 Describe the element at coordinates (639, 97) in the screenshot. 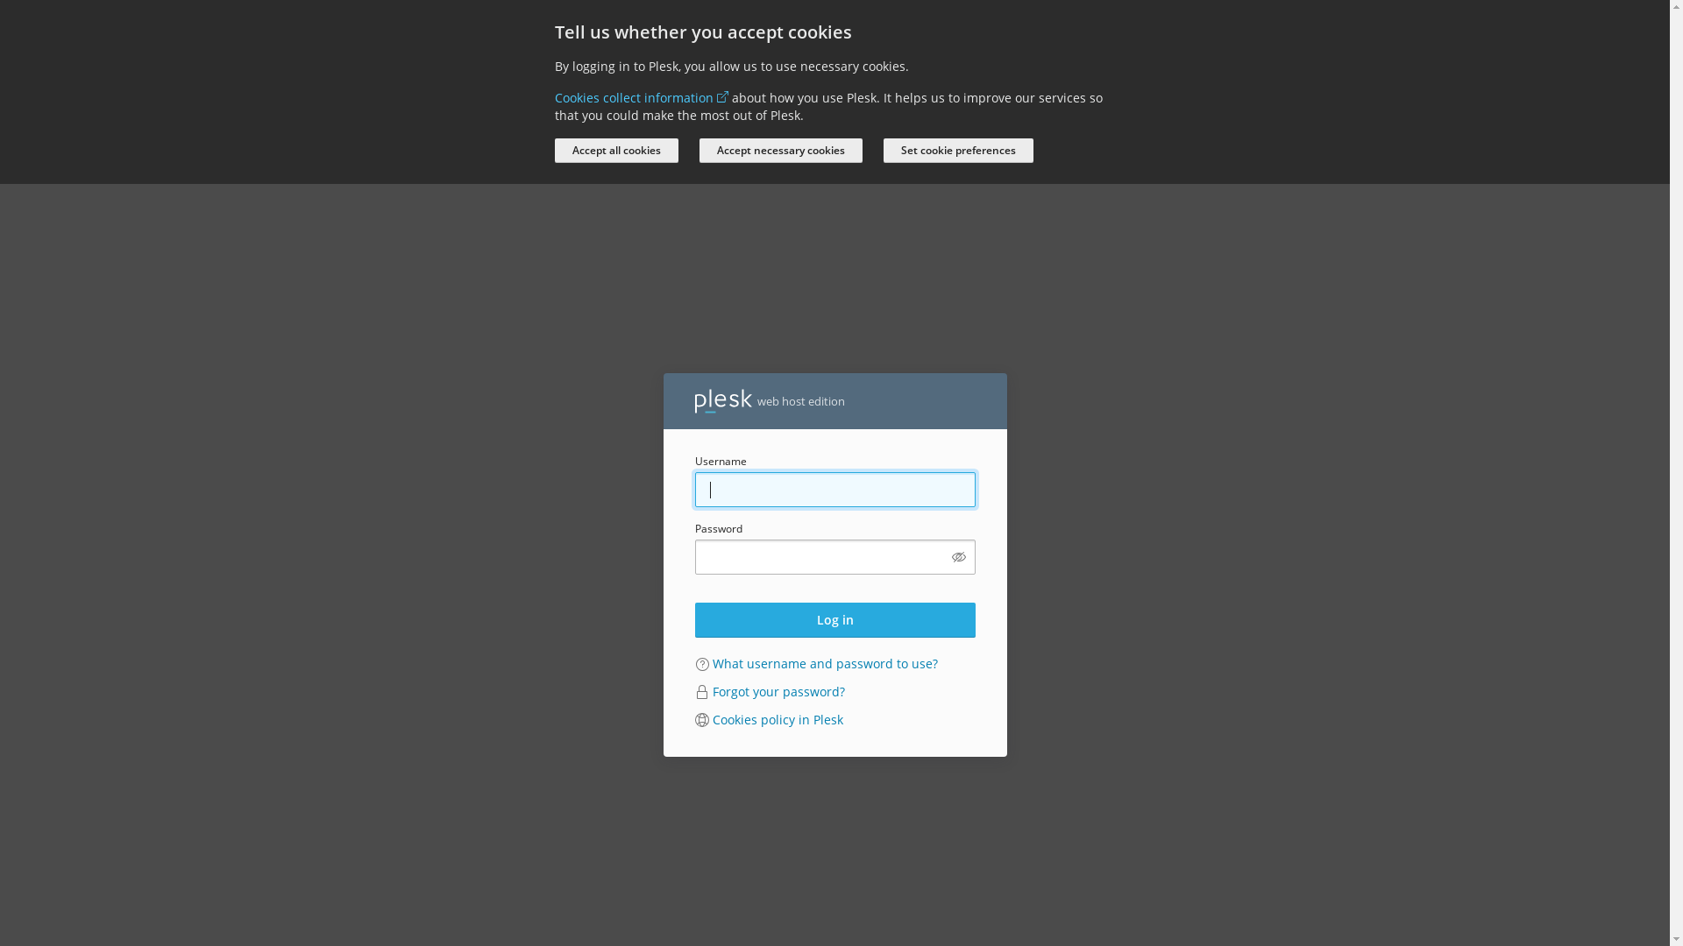

I see `'Cookies collect information'` at that location.